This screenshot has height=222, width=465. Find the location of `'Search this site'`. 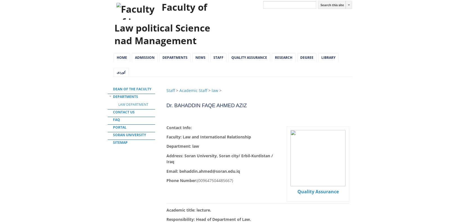

'Search this site' is located at coordinates (320, 5).